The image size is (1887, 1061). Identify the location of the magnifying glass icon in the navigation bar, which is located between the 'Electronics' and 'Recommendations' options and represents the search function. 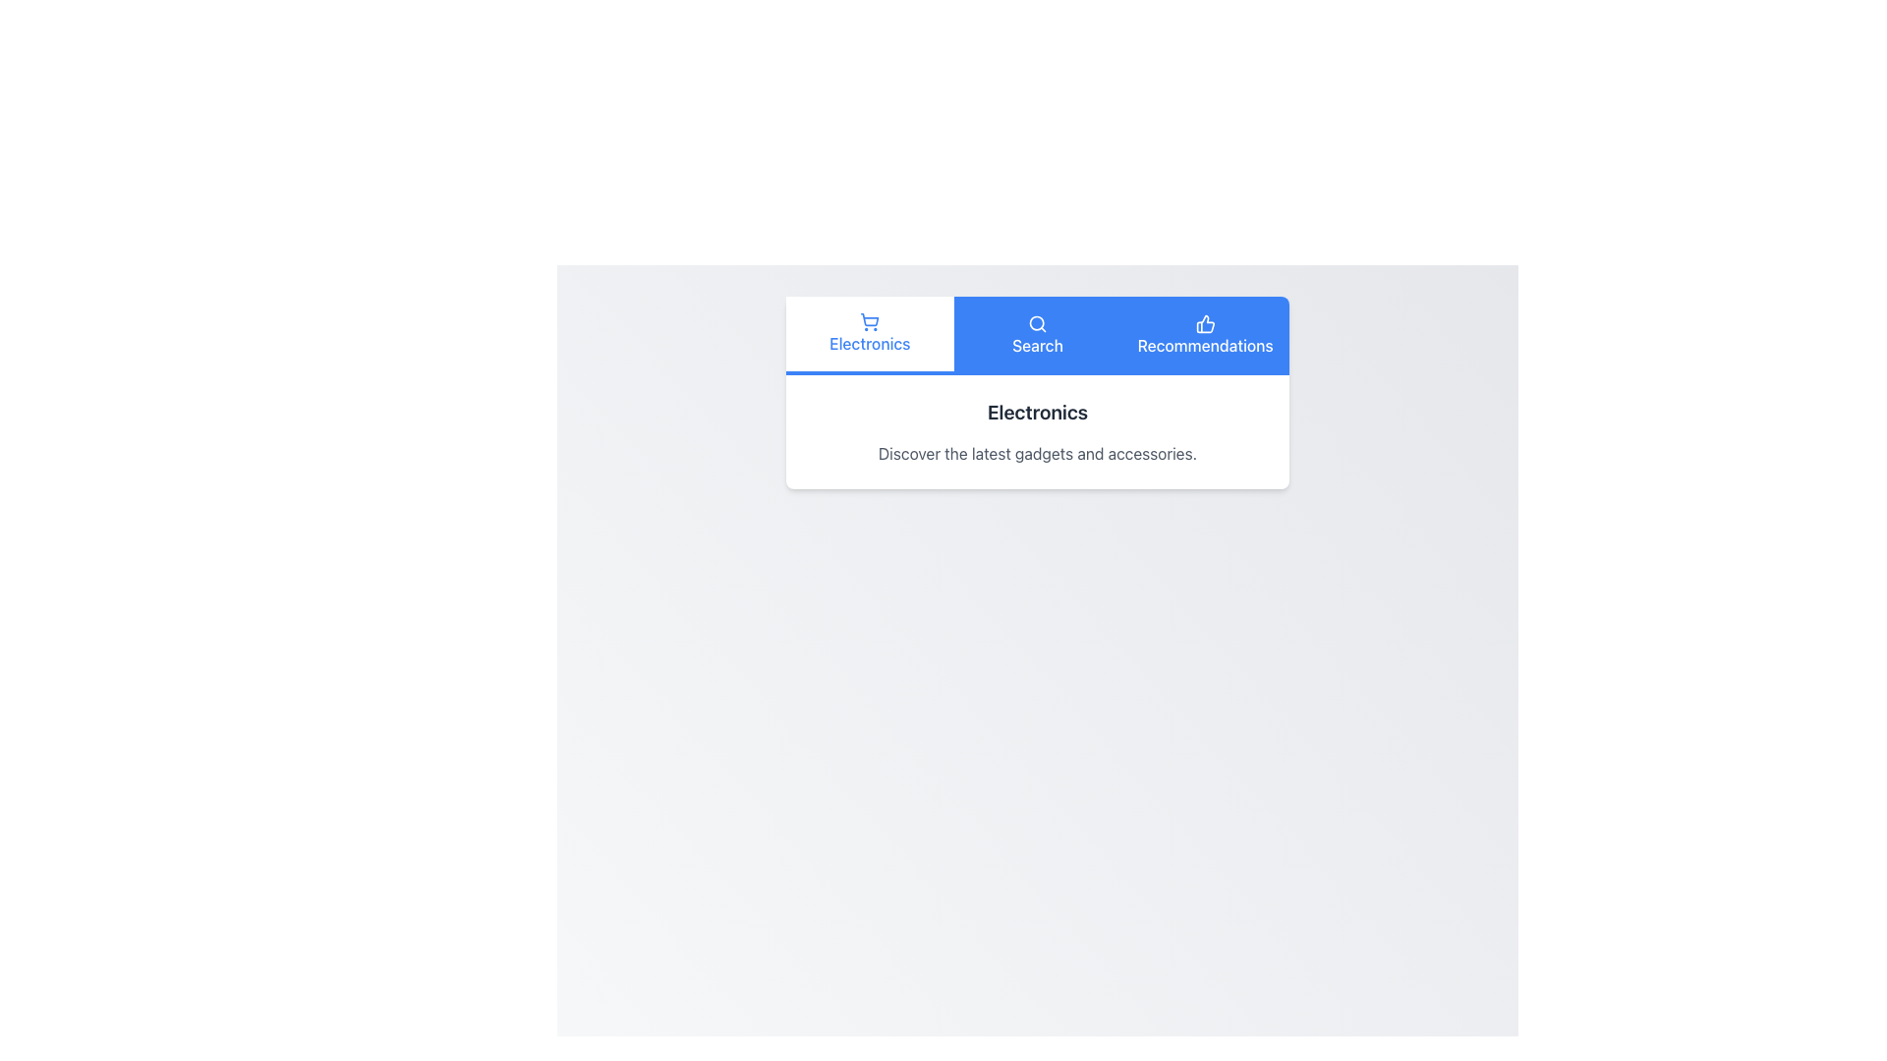
(1037, 323).